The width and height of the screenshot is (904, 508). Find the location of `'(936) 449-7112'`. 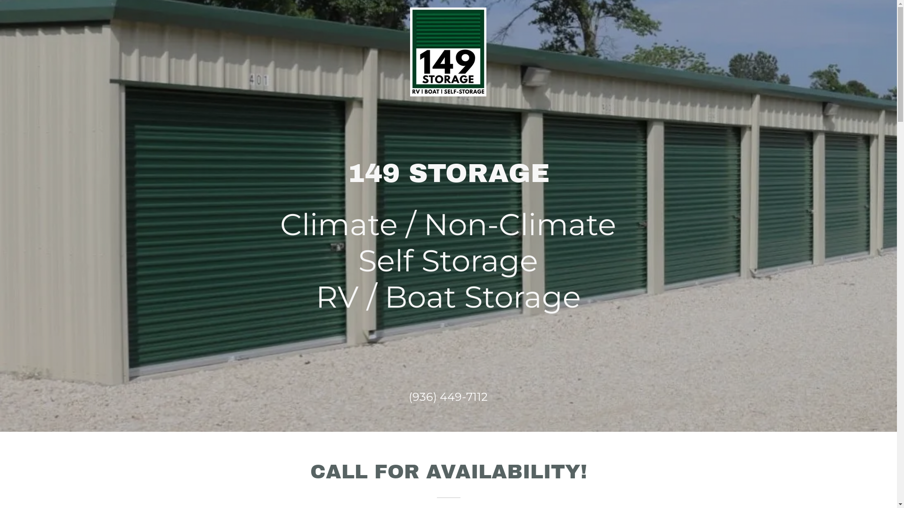

'(936) 449-7112' is located at coordinates (447, 397).